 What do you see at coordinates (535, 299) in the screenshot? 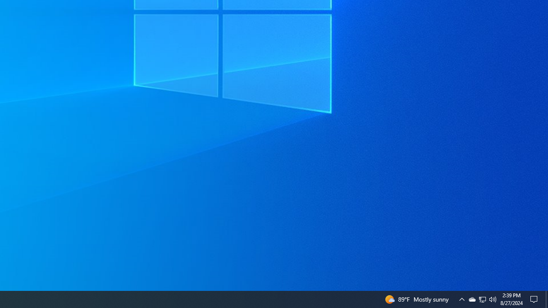
I see `'Action Center, No new notifications'` at bounding box center [535, 299].